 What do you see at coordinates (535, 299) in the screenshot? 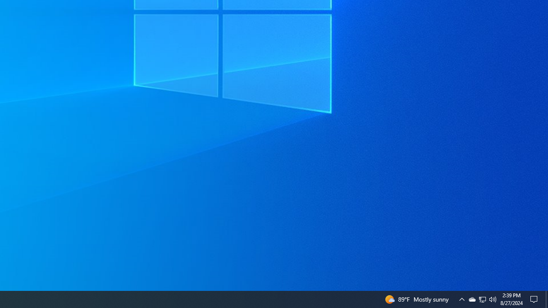
I see `'Action Center, No new notifications'` at bounding box center [535, 299].